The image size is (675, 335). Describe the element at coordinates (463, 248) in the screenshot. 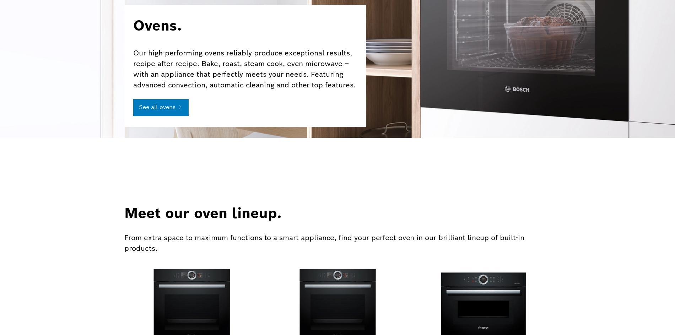

I see `'Search now'` at that location.